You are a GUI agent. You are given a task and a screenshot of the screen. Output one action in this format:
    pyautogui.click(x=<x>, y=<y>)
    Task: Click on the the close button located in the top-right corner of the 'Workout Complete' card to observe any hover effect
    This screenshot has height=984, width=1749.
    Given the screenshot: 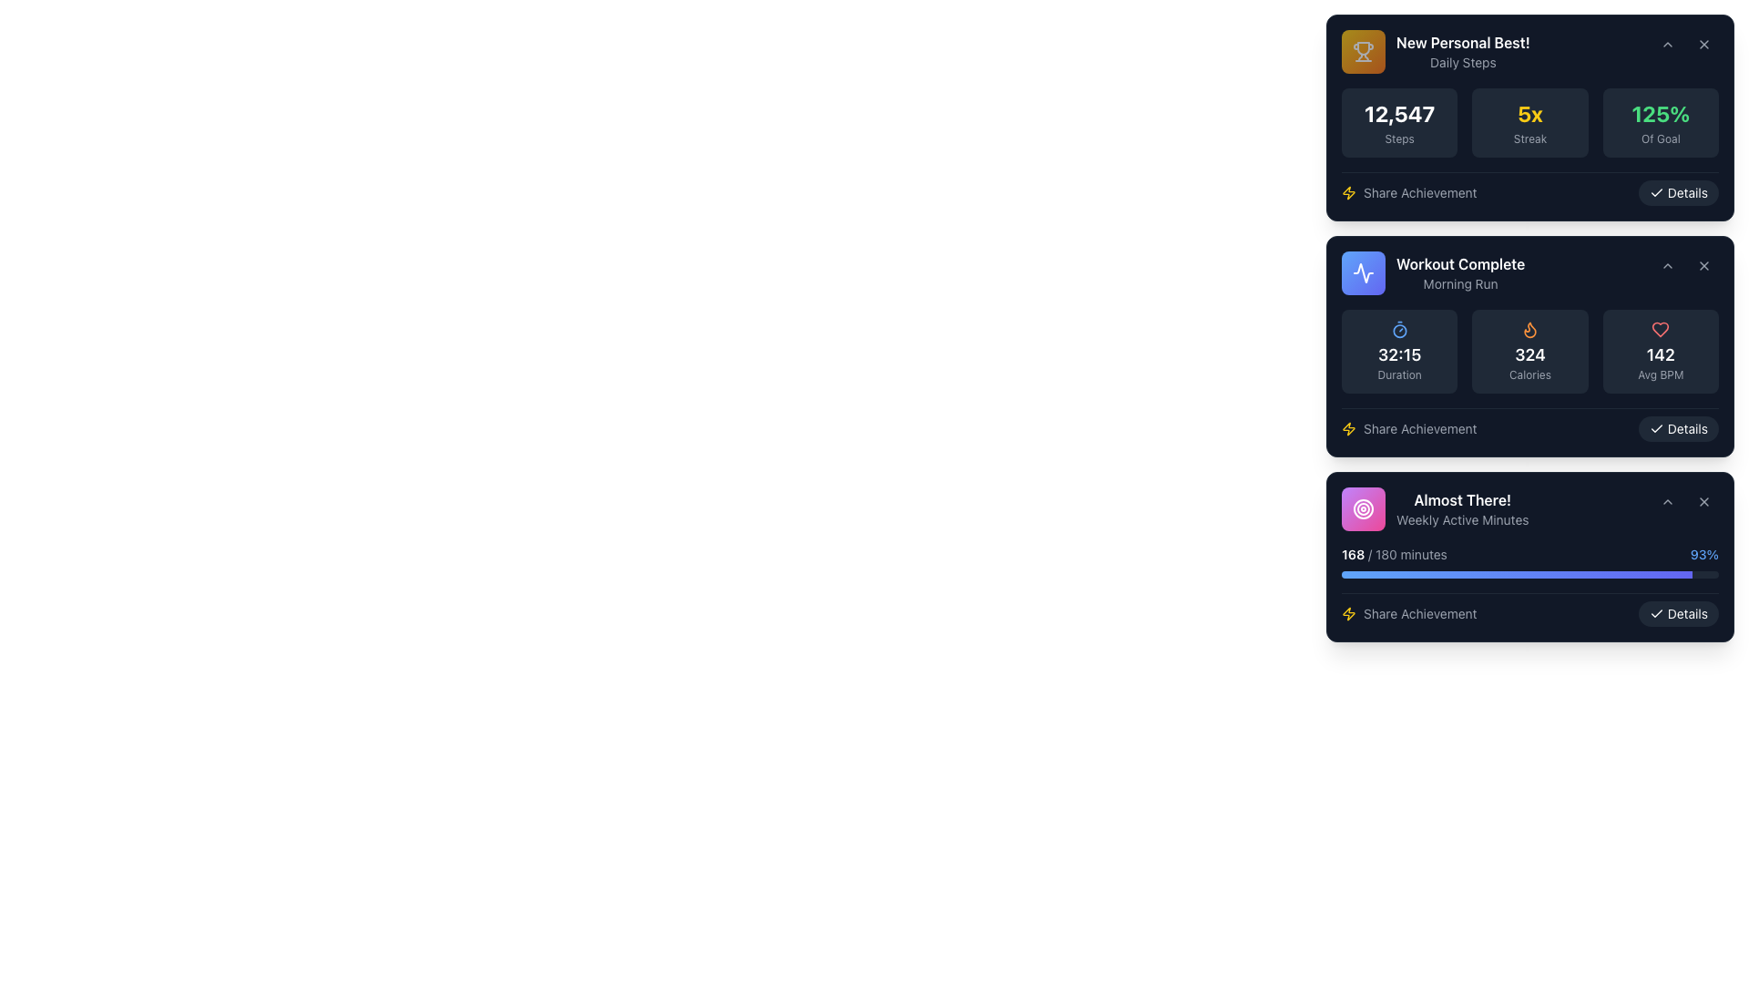 What is the action you would take?
    pyautogui.click(x=1703, y=266)
    